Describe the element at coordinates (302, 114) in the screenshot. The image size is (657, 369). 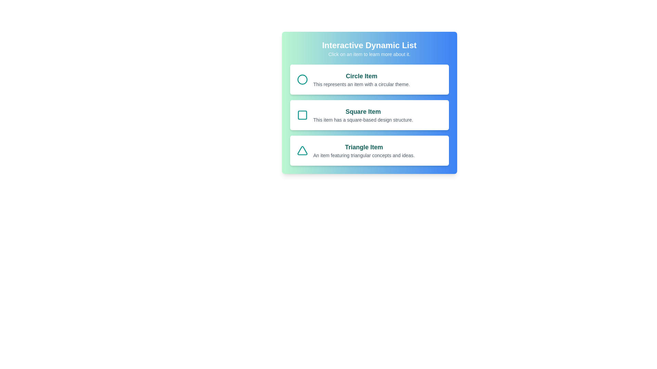
I see `the icon of the Square item to focus on it` at that location.